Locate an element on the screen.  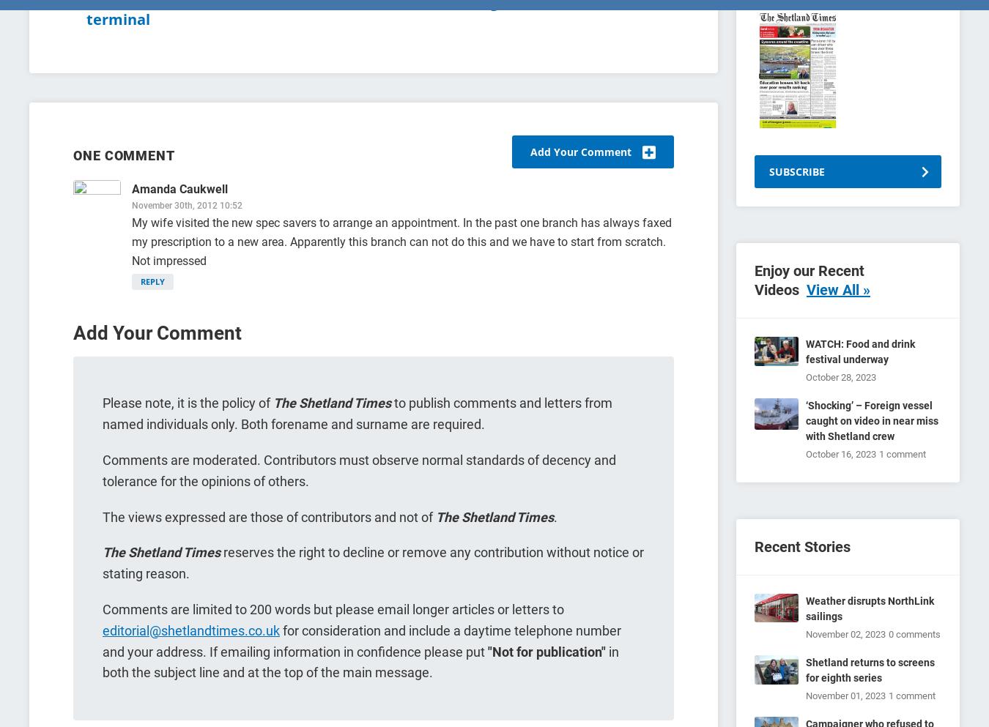
'October 28, 2023' is located at coordinates (840, 377).